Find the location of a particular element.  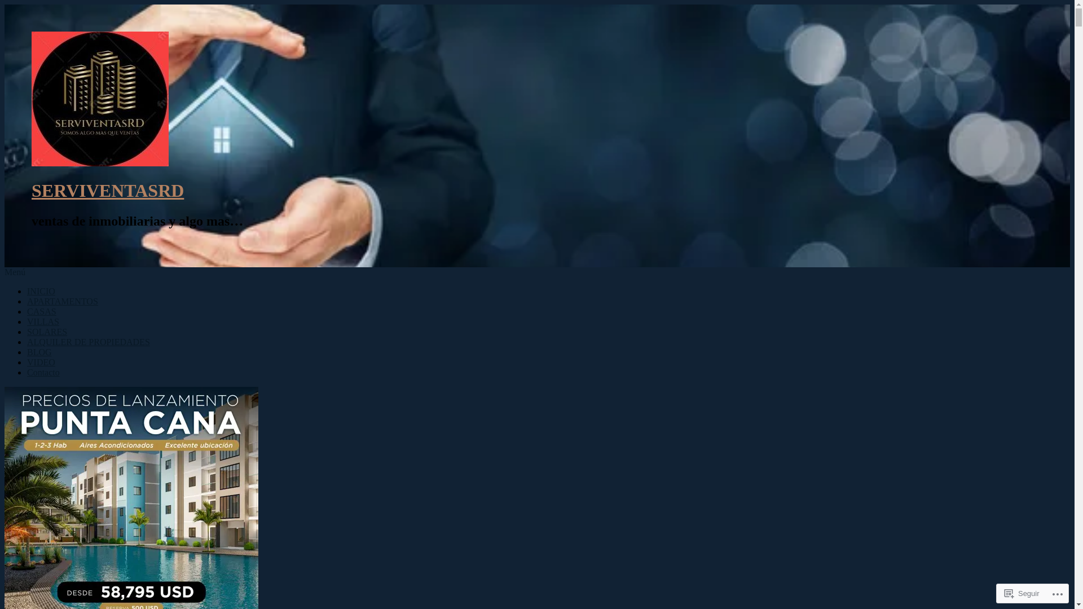

'APARTAMENTOS' is located at coordinates (61, 301).